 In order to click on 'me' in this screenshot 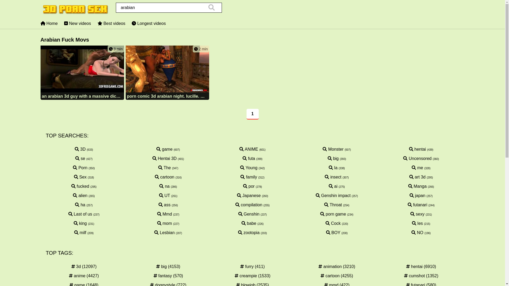, I will do `click(411, 168)`.